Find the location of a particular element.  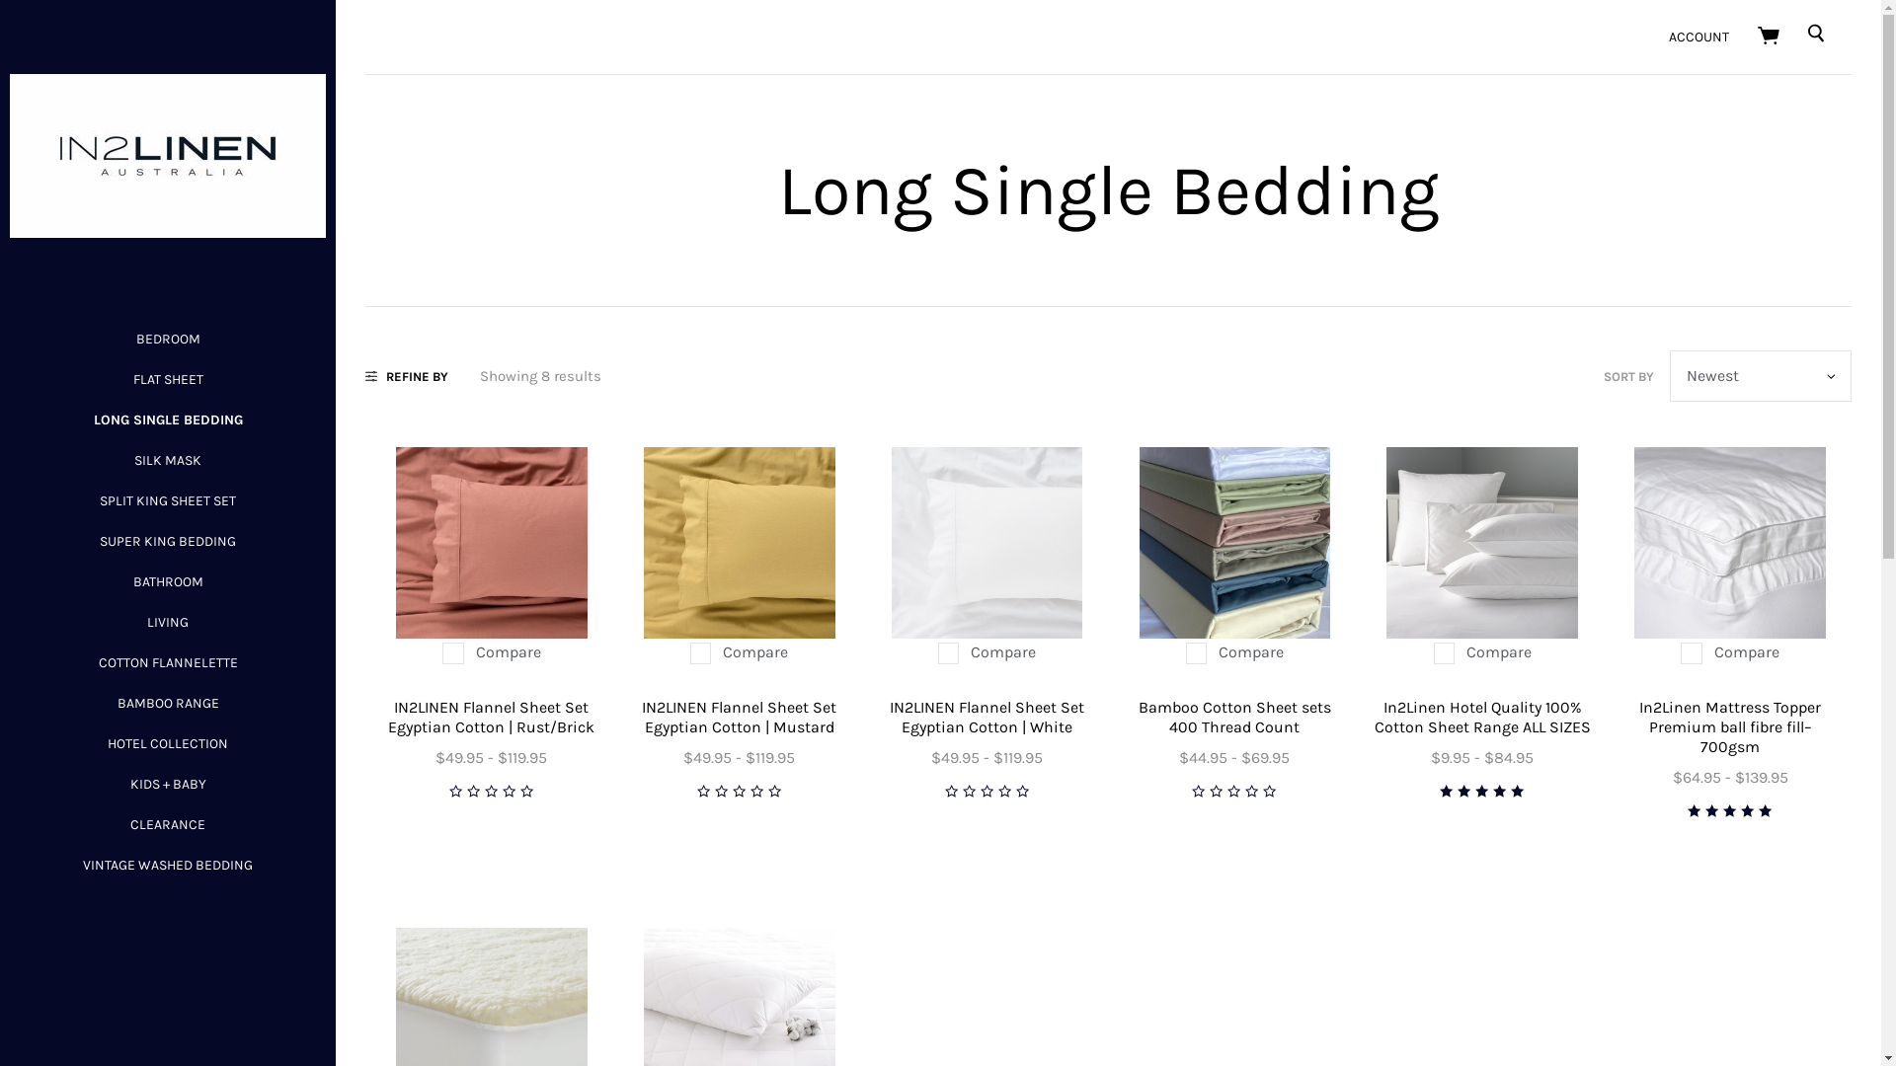

'CART' is located at coordinates (1770, 37).